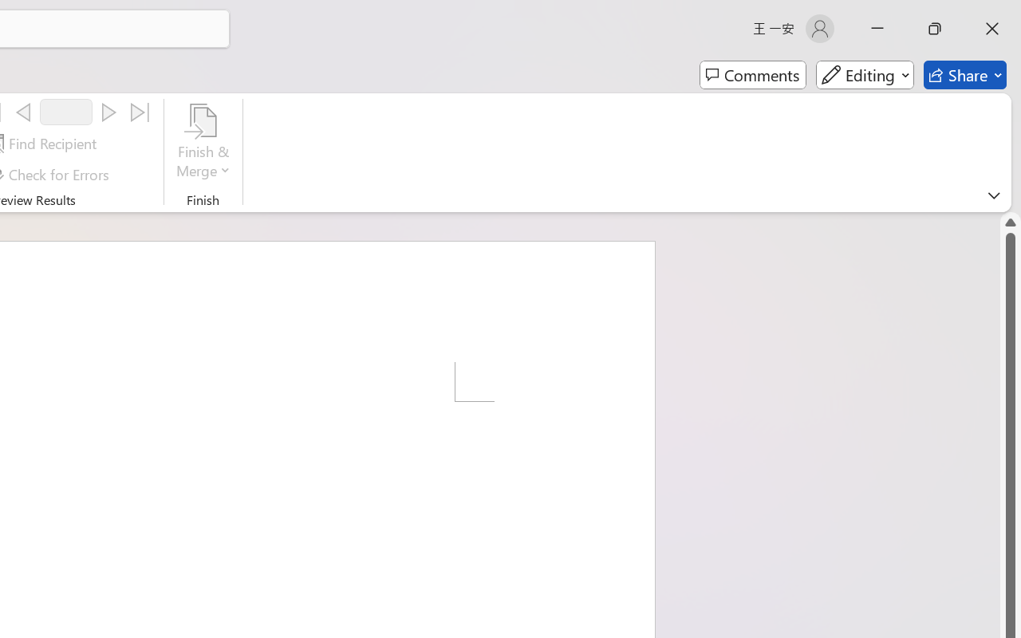  Describe the element at coordinates (140, 112) in the screenshot. I see `'Last'` at that location.